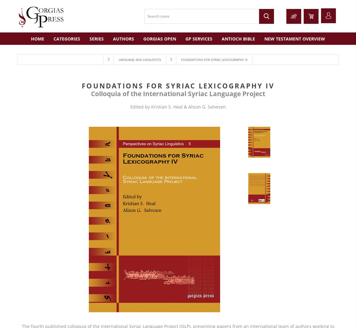 Image resolution: width=356 pixels, height=328 pixels. Describe the element at coordinates (66, 38) in the screenshot. I see `'Categories'` at that location.